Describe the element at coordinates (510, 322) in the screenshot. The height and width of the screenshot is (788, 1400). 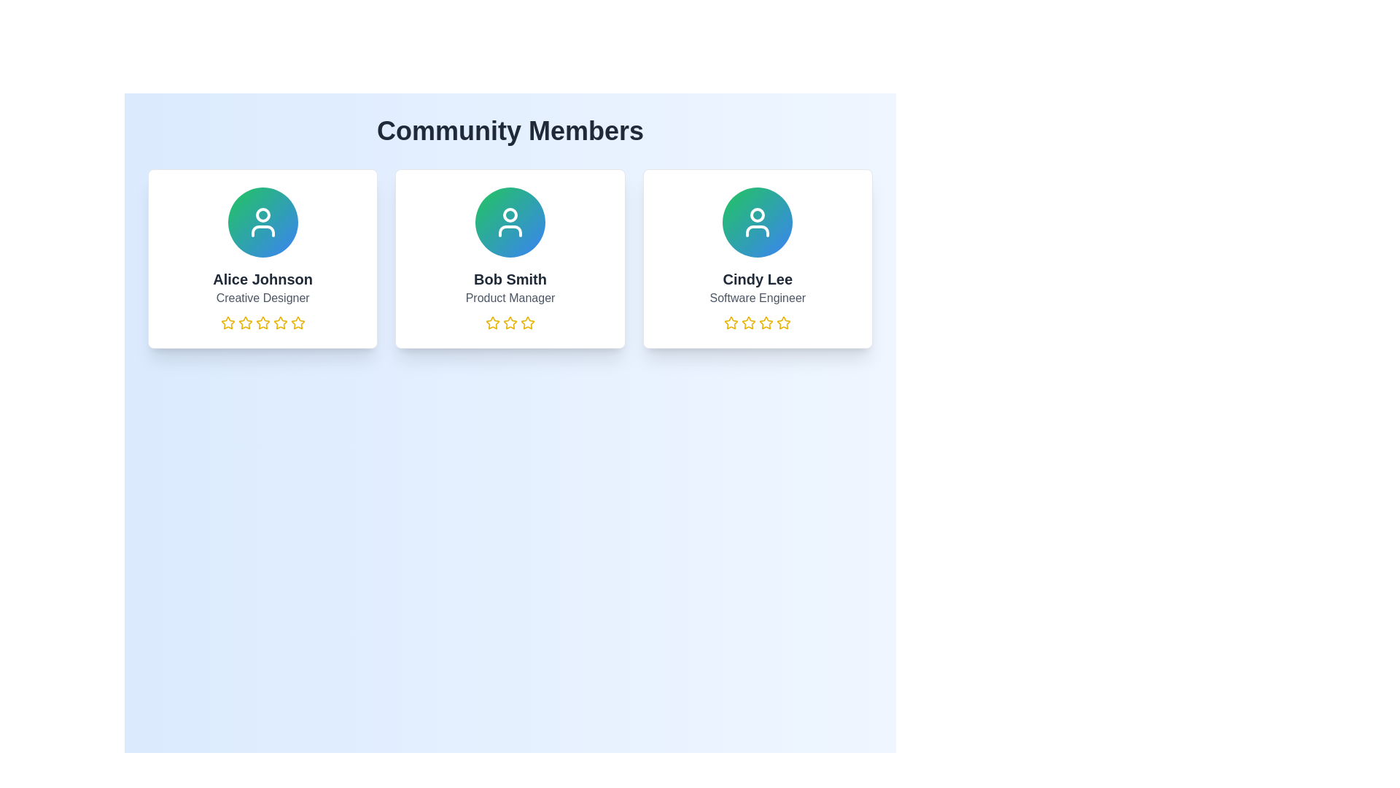
I see `the second star icon in the rating section of the 'Bob Smith' card` at that location.